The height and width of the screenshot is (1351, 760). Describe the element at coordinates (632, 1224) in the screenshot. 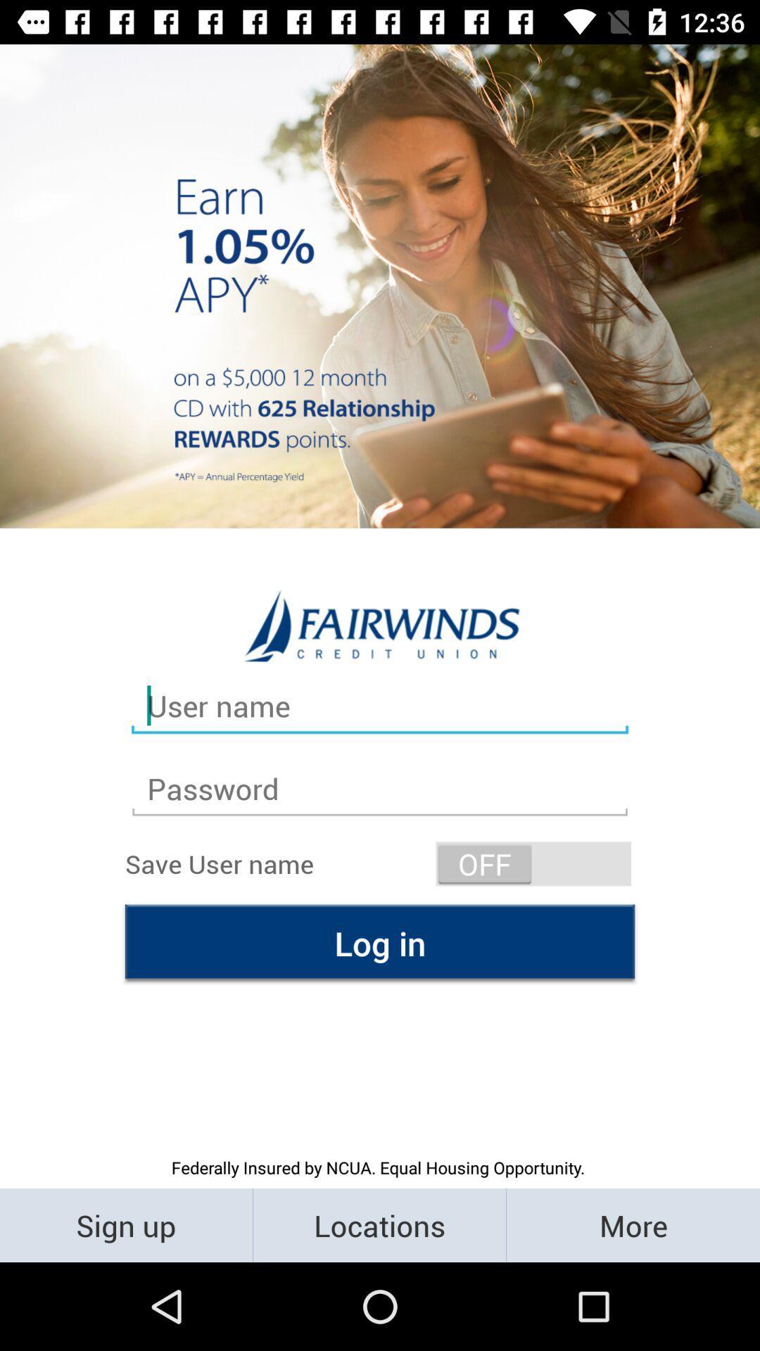

I see `the item to the right of locations item` at that location.